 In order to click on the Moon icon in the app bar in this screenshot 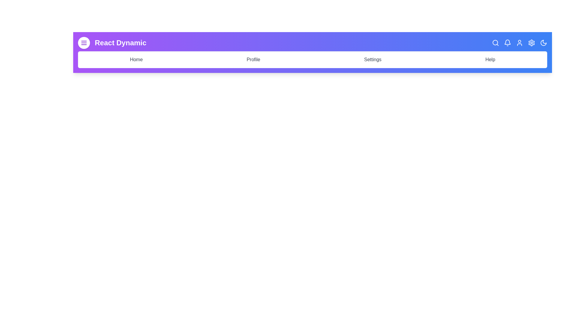, I will do `click(543, 42)`.